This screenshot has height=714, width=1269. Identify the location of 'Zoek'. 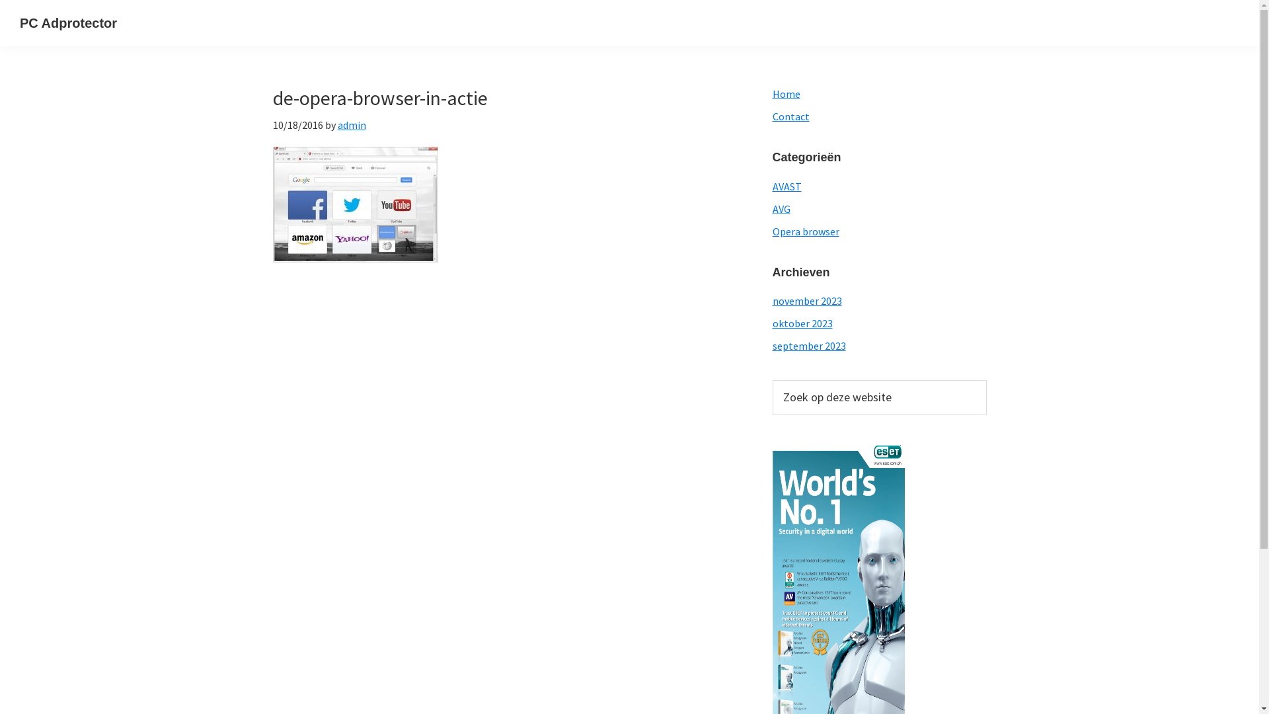
(986, 379).